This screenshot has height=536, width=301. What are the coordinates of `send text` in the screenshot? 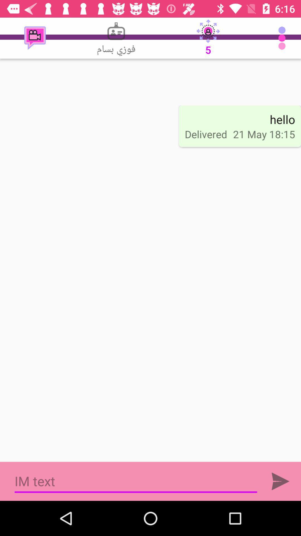 It's located at (280, 481).